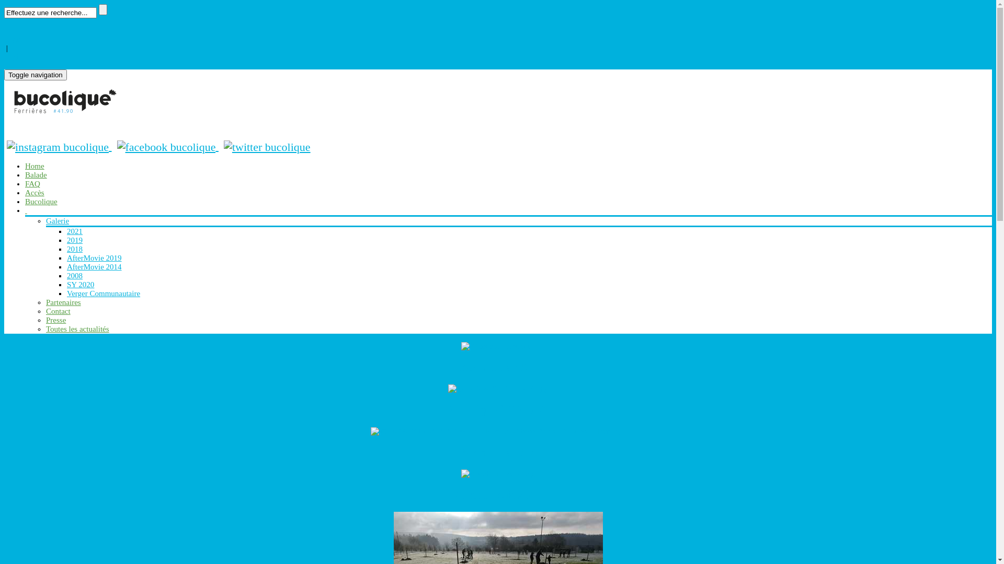 This screenshot has width=1004, height=564. What do you see at coordinates (58, 311) in the screenshot?
I see `'Contact'` at bounding box center [58, 311].